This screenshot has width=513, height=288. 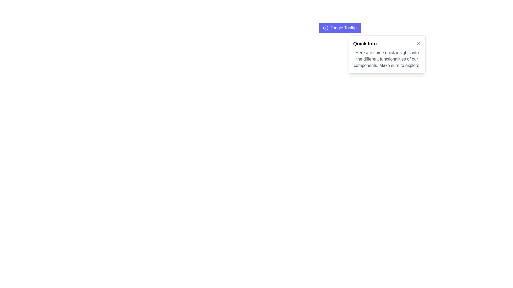 I want to click on the button containing the text label located to the right of the icon, so click(x=343, y=28).